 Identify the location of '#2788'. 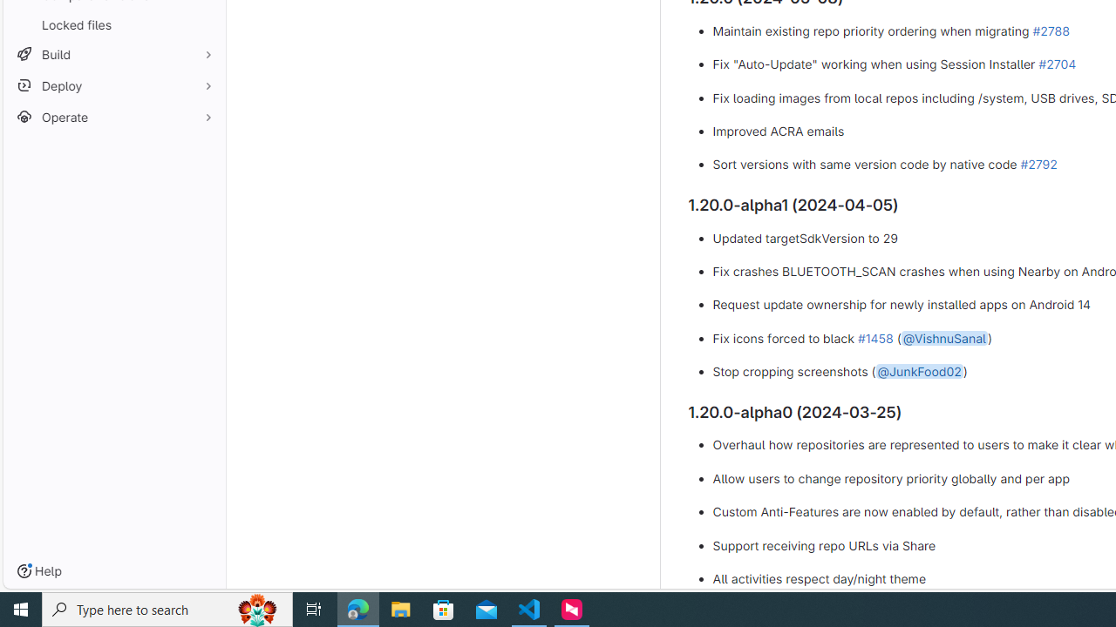
(1050, 30).